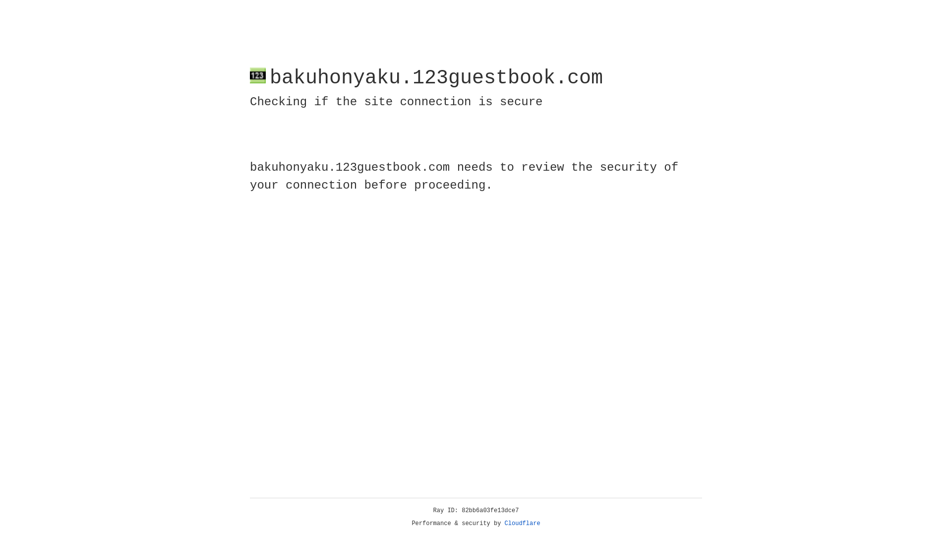  I want to click on 'Cloudflare', so click(504, 523).